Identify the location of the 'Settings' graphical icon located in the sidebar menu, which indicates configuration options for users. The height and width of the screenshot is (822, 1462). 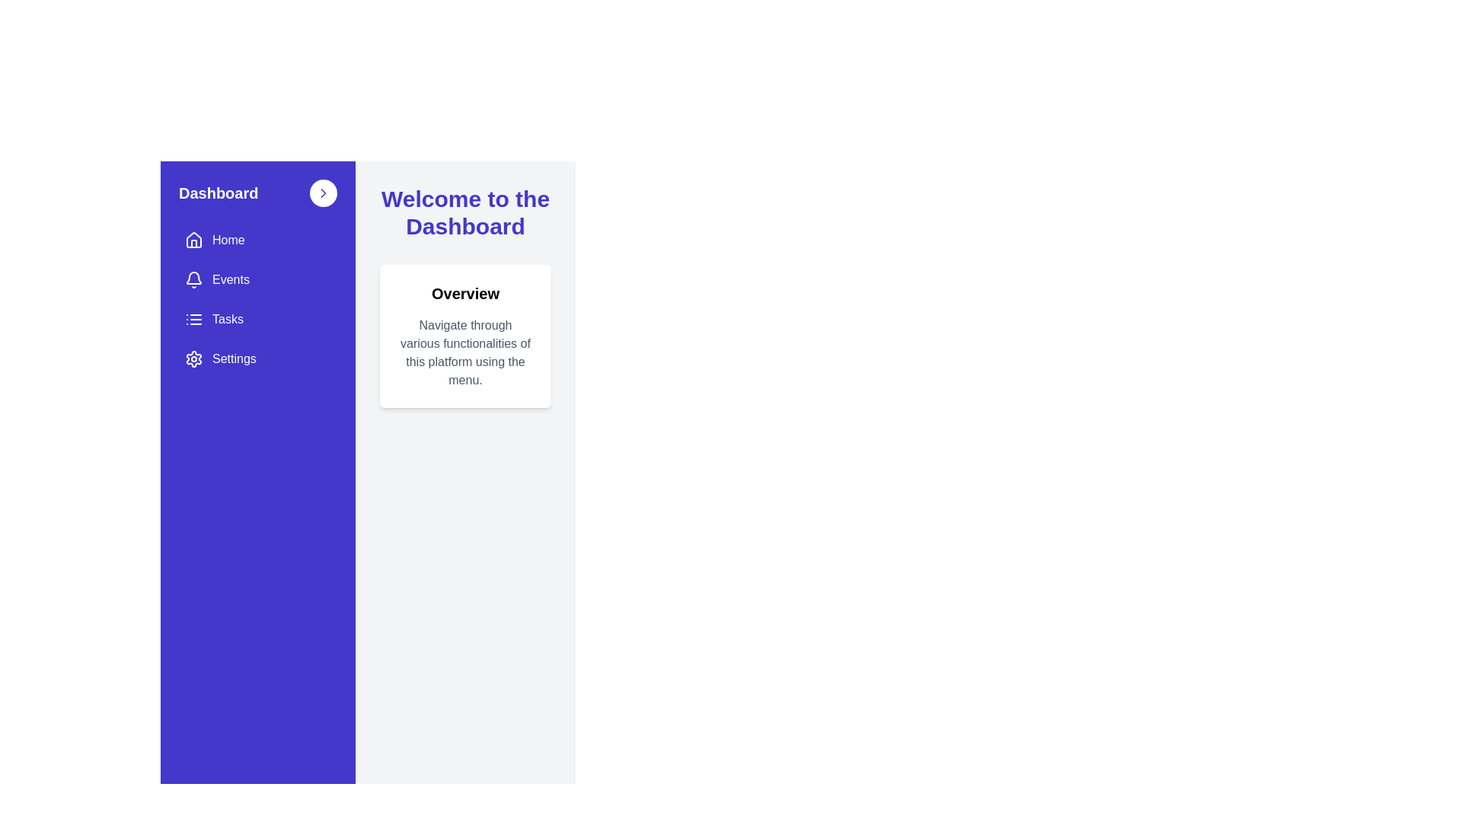
(193, 358).